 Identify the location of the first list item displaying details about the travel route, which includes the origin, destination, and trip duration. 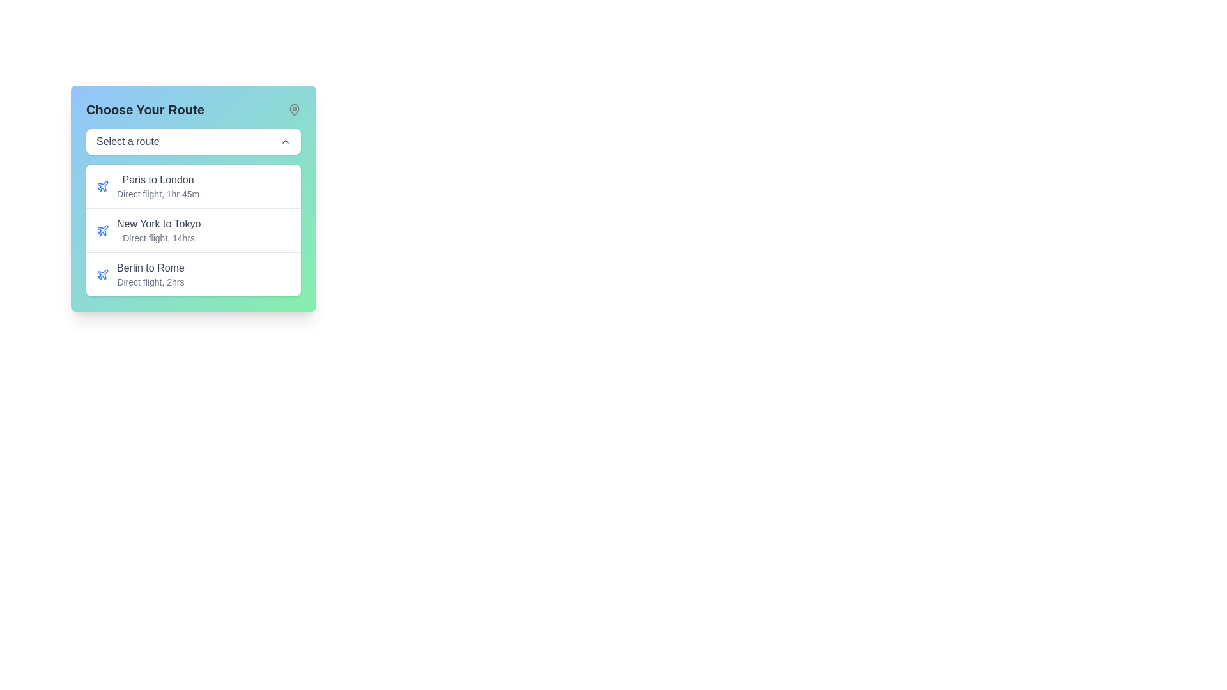
(148, 187).